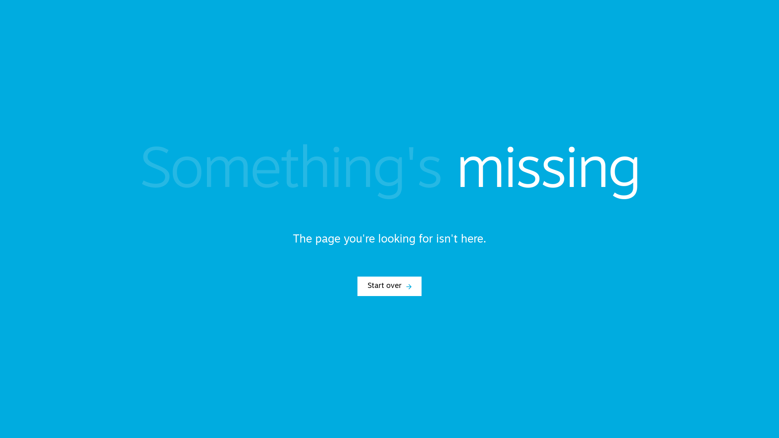 The image size is (779, 438). I want to click on 'Start over', so click(389, 286).